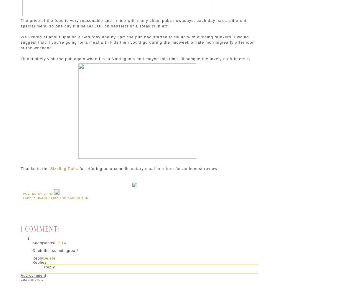  What do you see at coordinates (50, 168) in the screenshot?
I see `'Sizzling Pubs'` at bounding box center [50, 168].